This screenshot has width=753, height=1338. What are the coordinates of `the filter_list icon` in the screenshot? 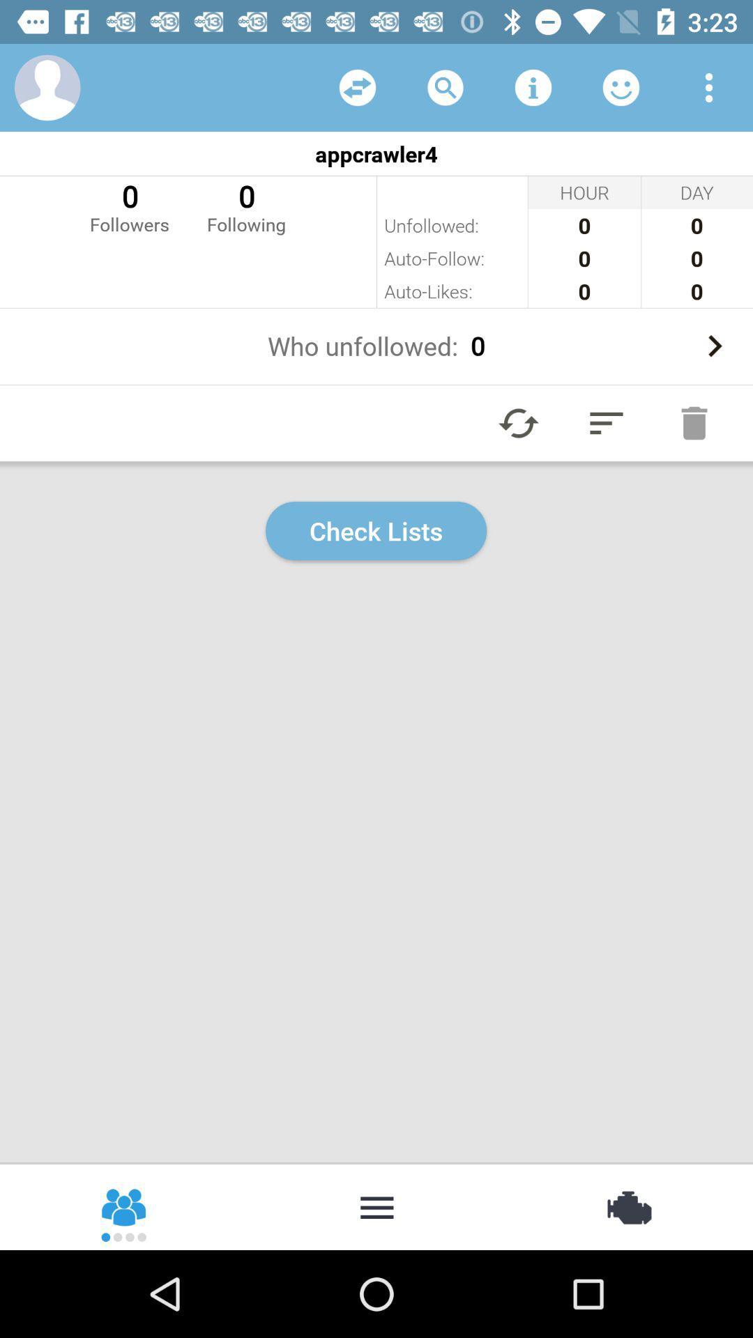 It's located at (606, 422).